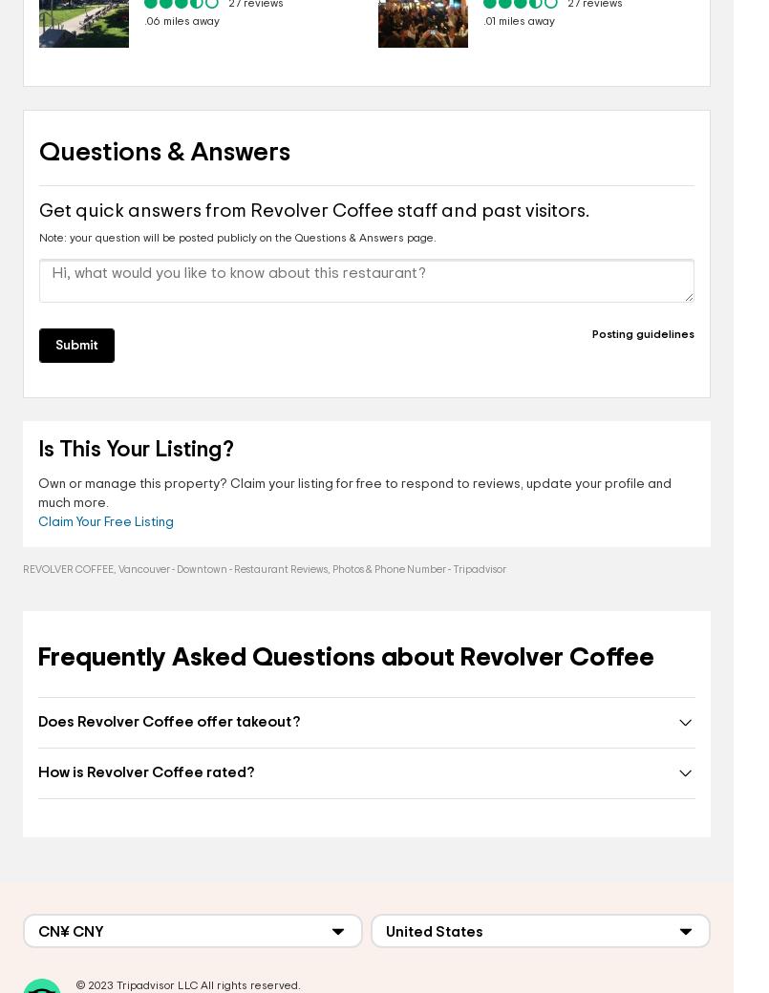 The width and height of the screenshot is (769, 993). What do you see at coordinates (156, 984) in the screenshot?
I see `'Tripadvisor LLC'` at bounding box center [156, 984].